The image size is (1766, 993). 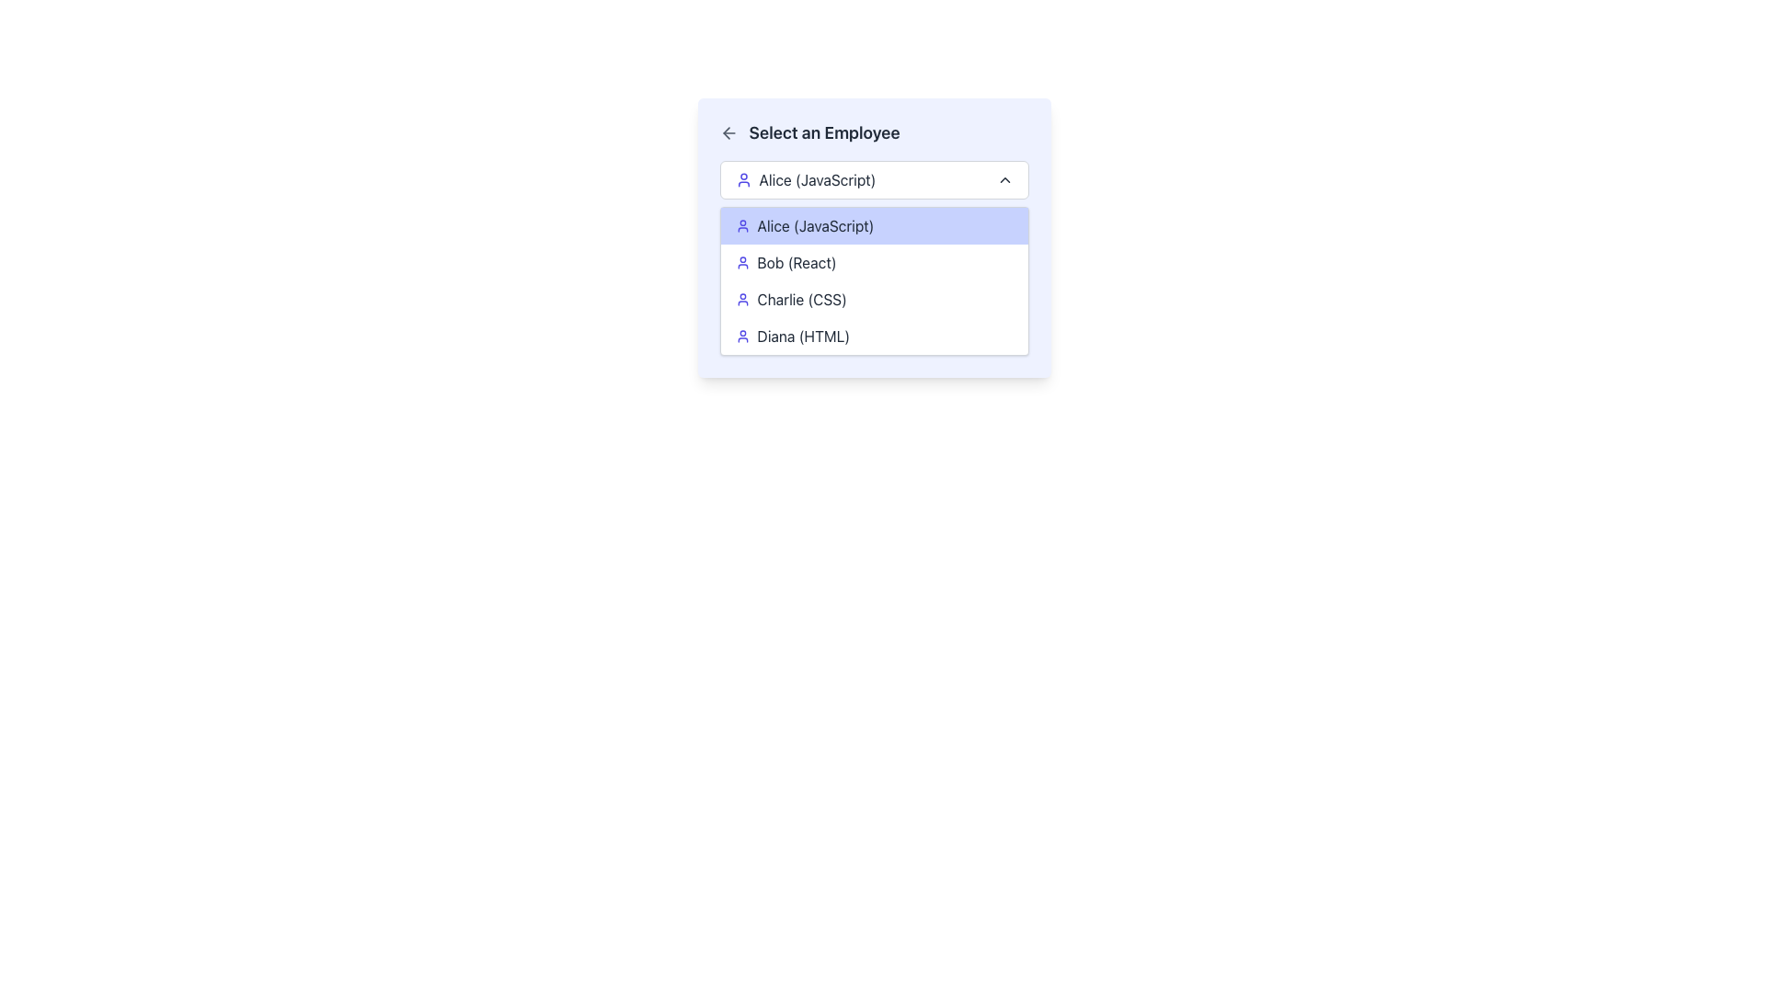 What do you see at coordinates (806, 180) in the screenshot?
I see `the dropdown list item labeled 'Alice (JavaScript)' in the 'Select an Employee' dropdown` at bounding box center [806, 180].